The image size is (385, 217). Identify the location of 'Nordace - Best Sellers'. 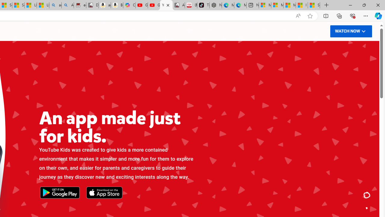
(216, 5).